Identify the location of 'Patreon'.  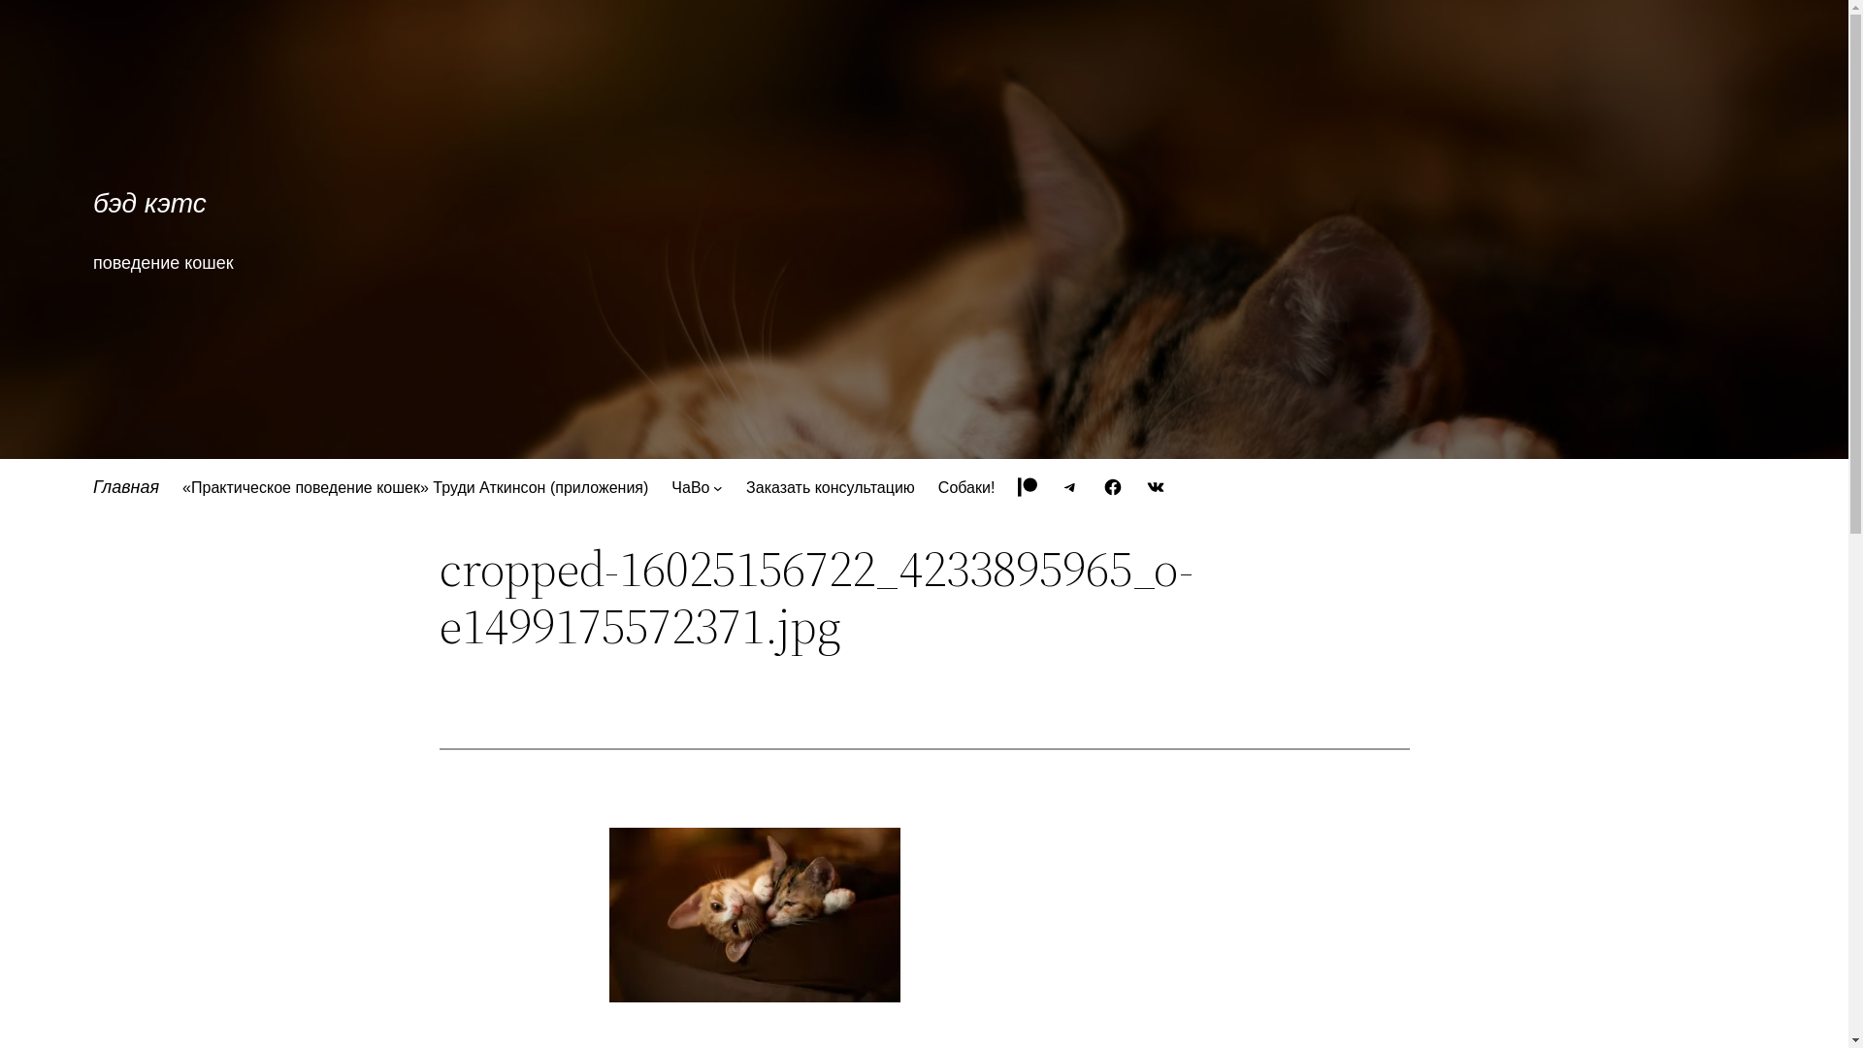
(1027, 485).